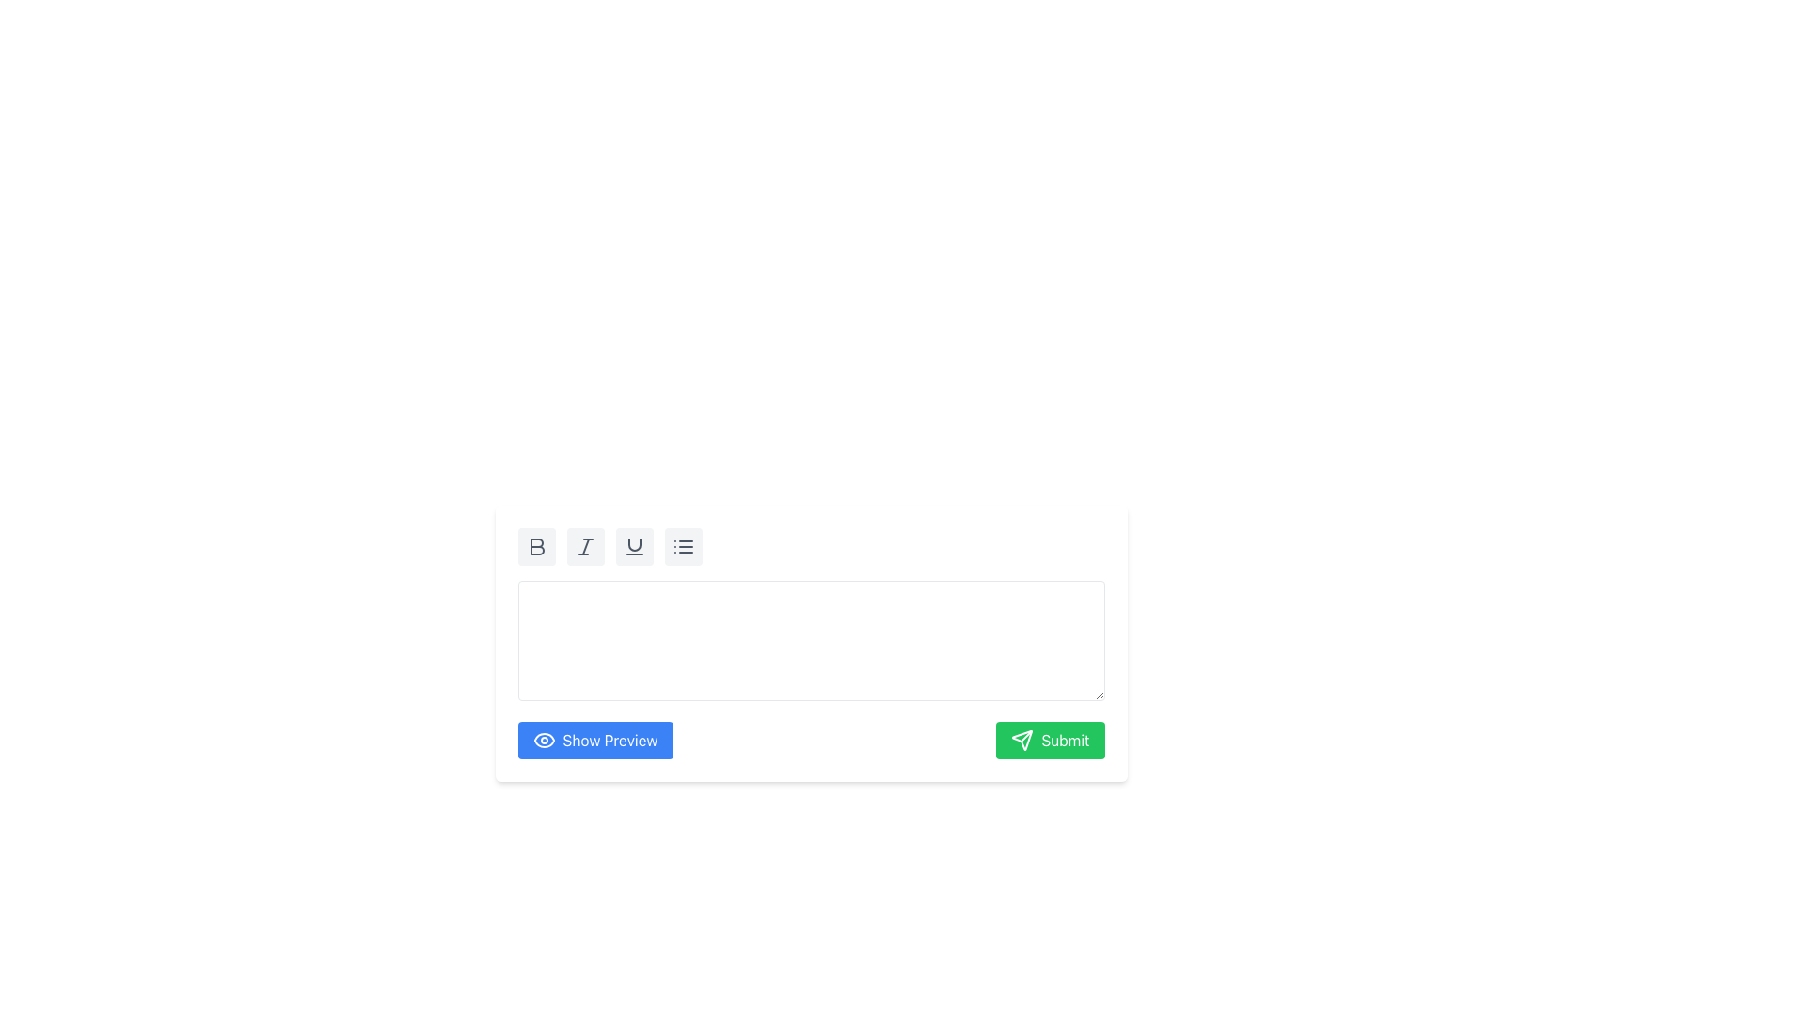  What do you see at coordinates (634, 547) in the screenshot?
I see `the underline formatting button located in the toolbar above the text area` at bounding box center [634, 547].